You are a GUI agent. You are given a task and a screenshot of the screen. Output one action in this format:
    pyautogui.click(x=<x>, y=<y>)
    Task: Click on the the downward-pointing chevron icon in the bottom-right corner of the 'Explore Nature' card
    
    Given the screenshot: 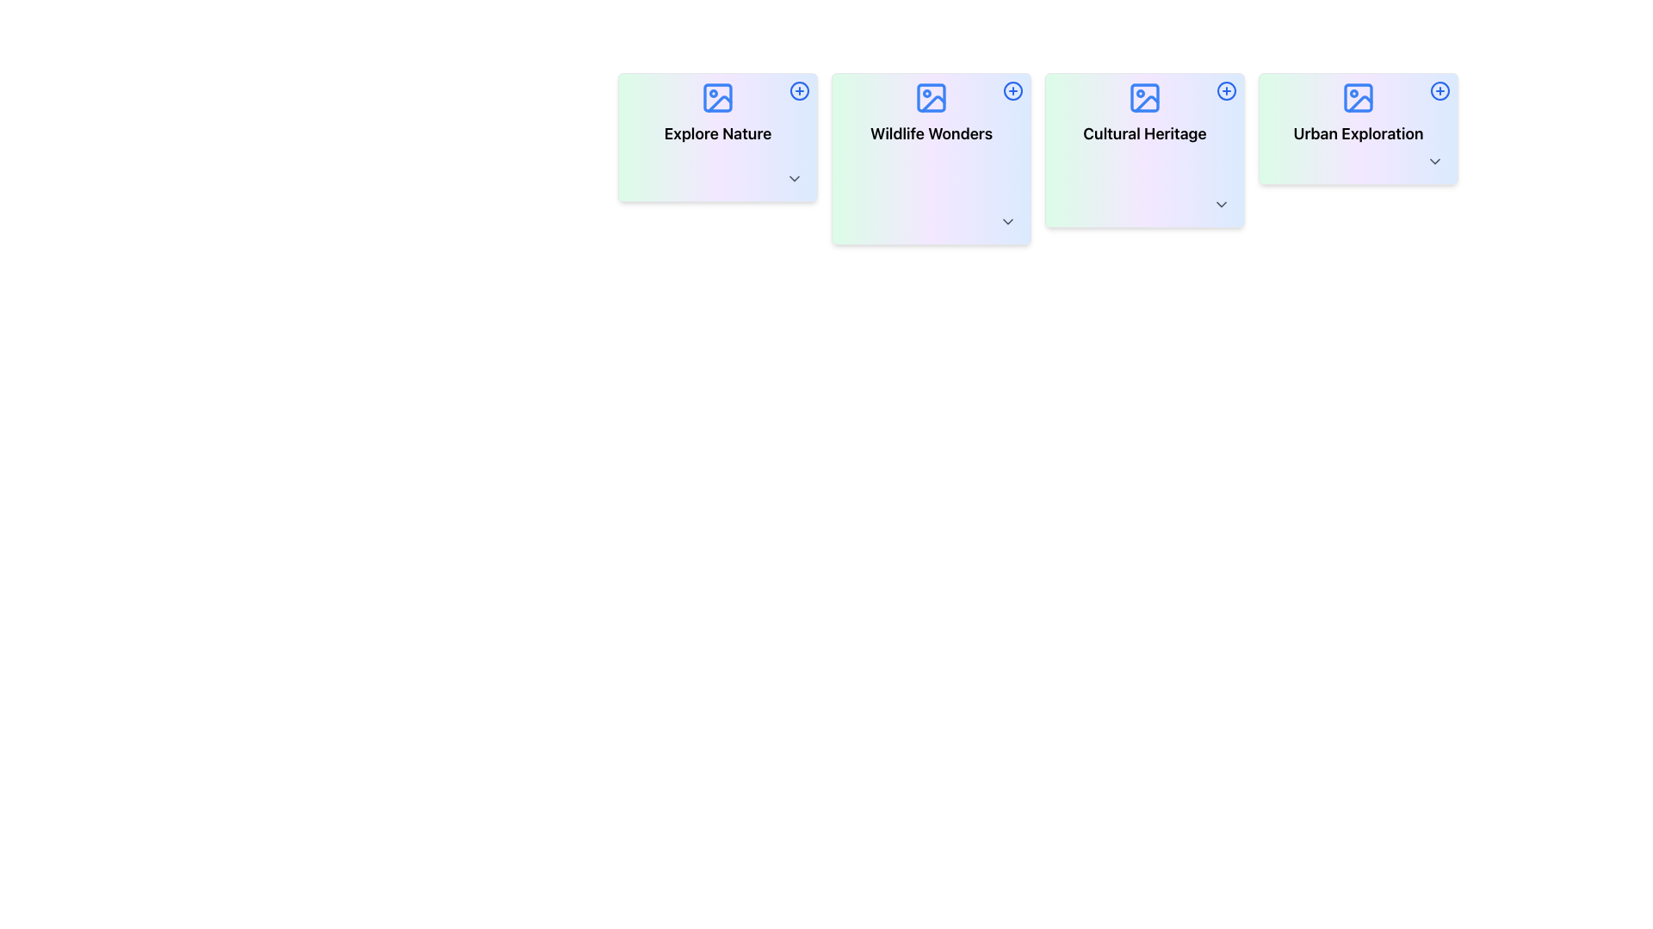 What is the action you would take?
    pyautogui.click(x=793, y=179)
    